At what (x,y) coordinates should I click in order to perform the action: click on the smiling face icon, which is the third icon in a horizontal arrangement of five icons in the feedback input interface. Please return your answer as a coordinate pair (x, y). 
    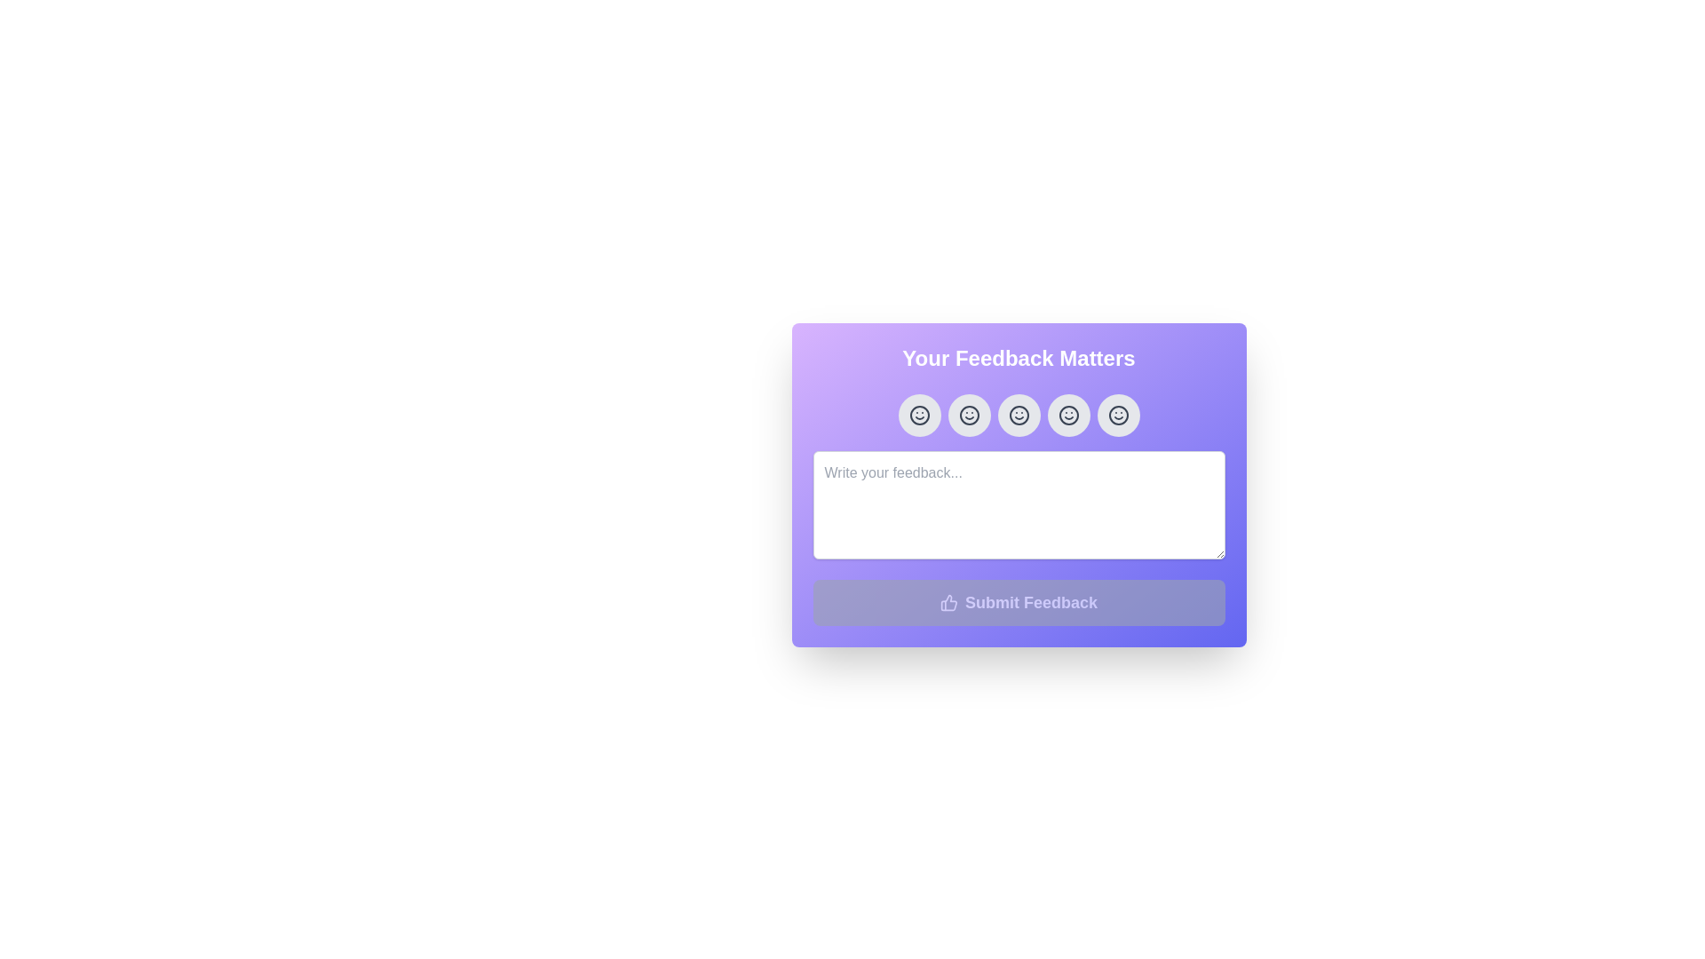
    Looking at the image, I should click on (1019, 415).